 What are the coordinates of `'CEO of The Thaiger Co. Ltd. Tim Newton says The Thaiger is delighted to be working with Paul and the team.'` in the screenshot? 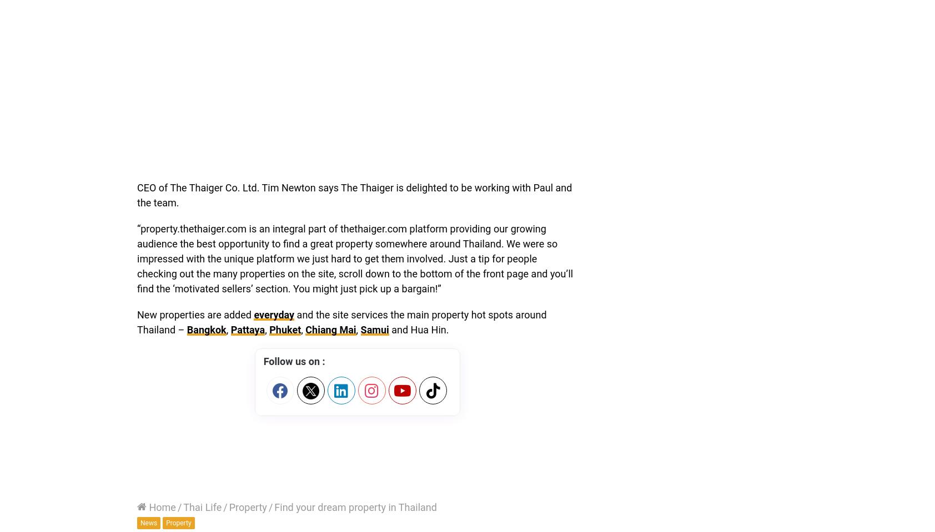 It's located at (354, 194).